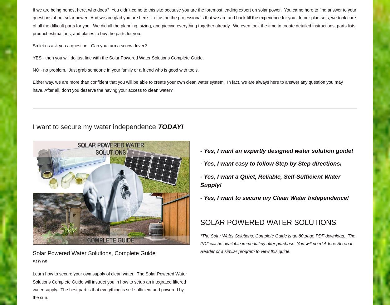 This screenshot has height=305, width=390. Describe the element at coordinates (270, 163) in the screenshot. I see `'- Yes, I want easy to follow Step by Step directions'` at that location.